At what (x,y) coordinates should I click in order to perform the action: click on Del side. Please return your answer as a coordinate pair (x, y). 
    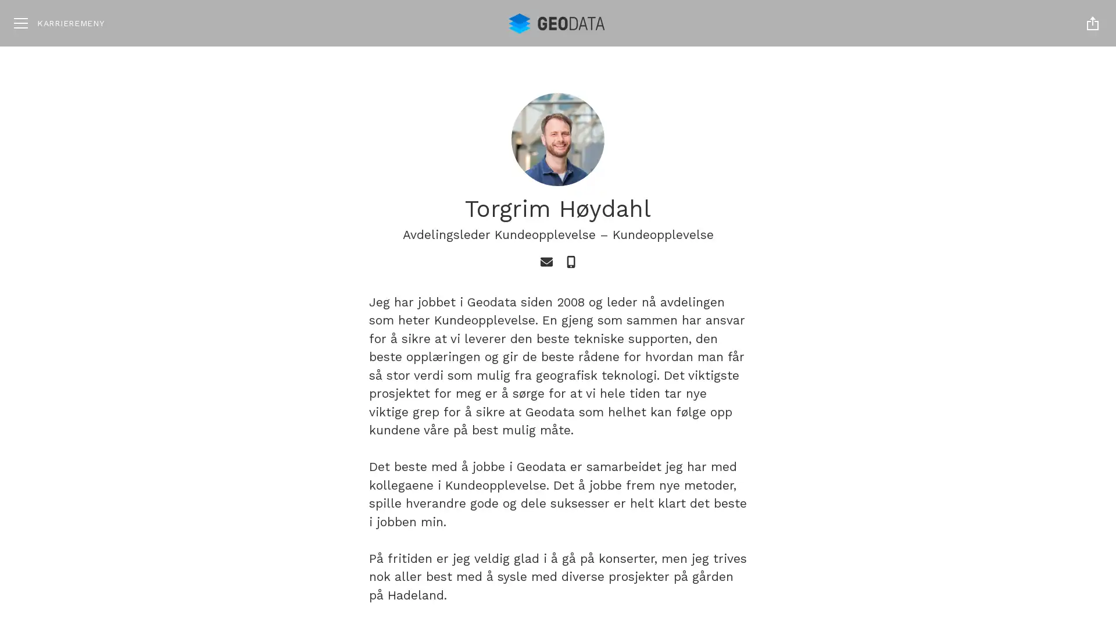
    Looking at the image, I should click on (1092, 23).